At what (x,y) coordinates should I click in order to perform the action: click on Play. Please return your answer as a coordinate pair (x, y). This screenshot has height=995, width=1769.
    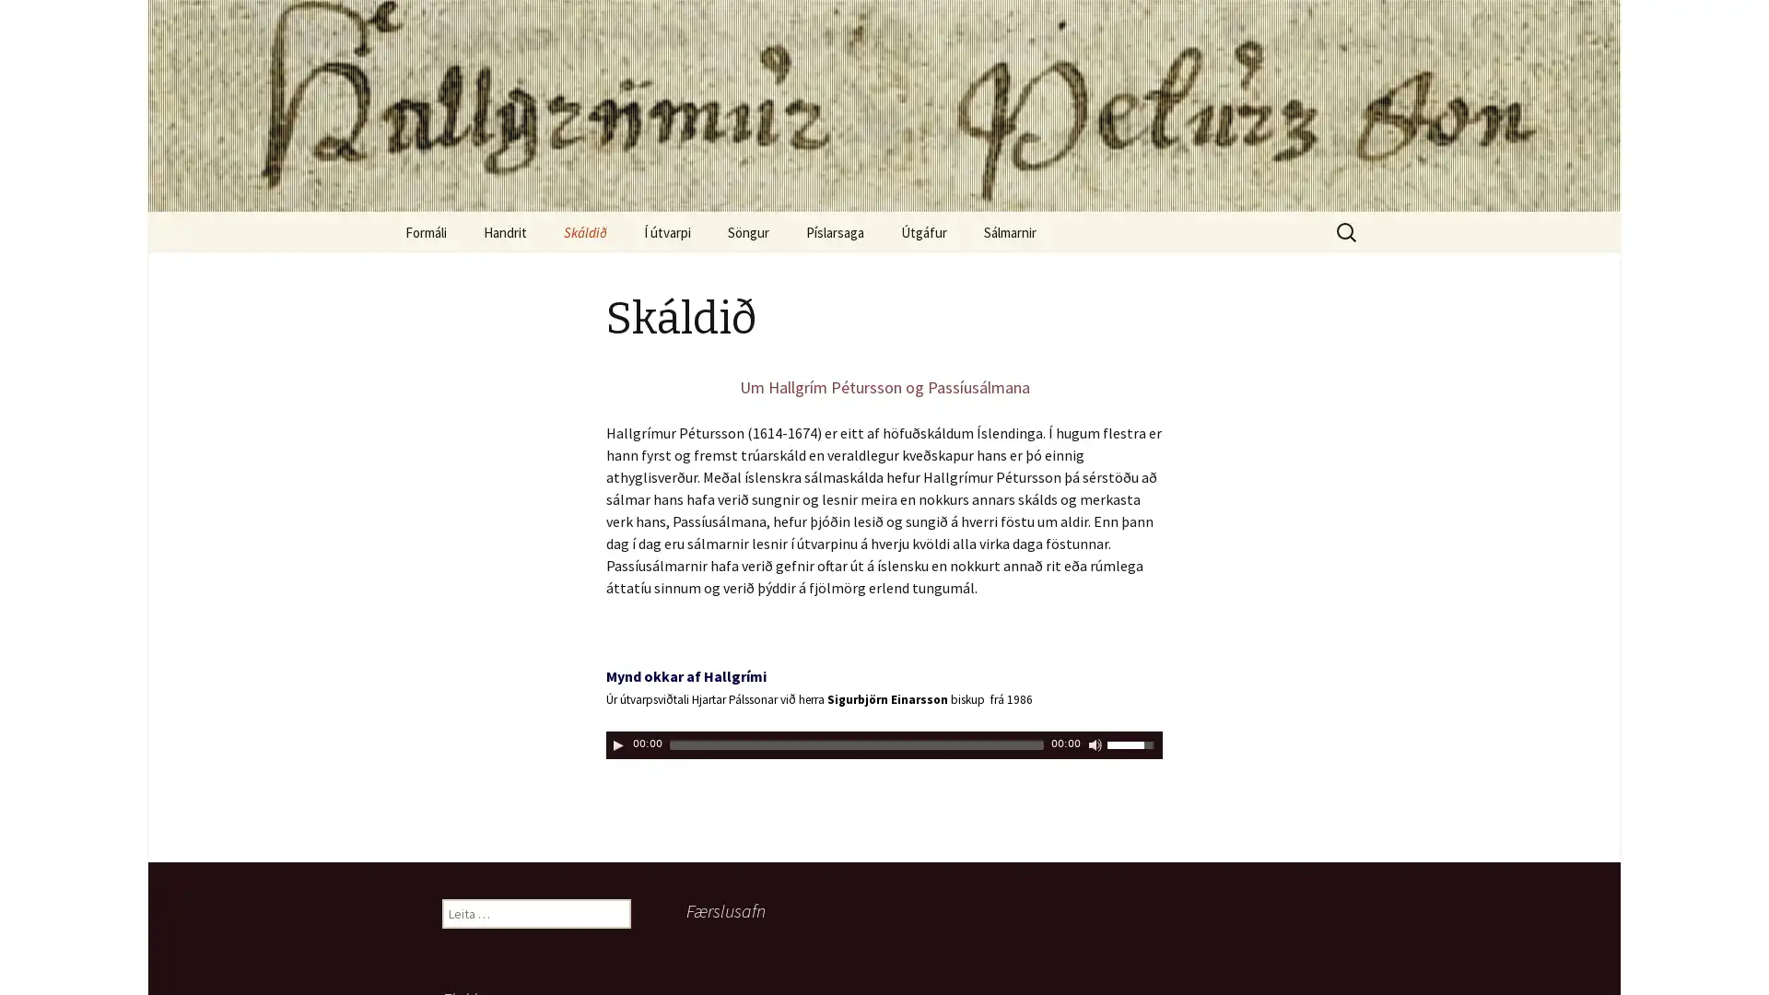
    Looking at the image, I should click on (618, 744).